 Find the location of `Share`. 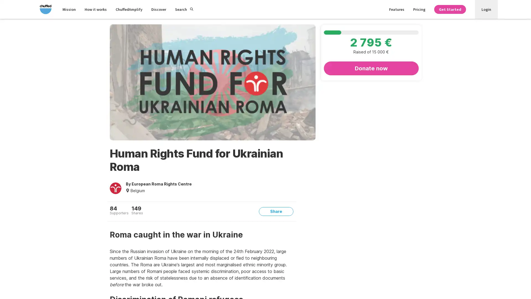

Share is located at coordinates (276, 211).